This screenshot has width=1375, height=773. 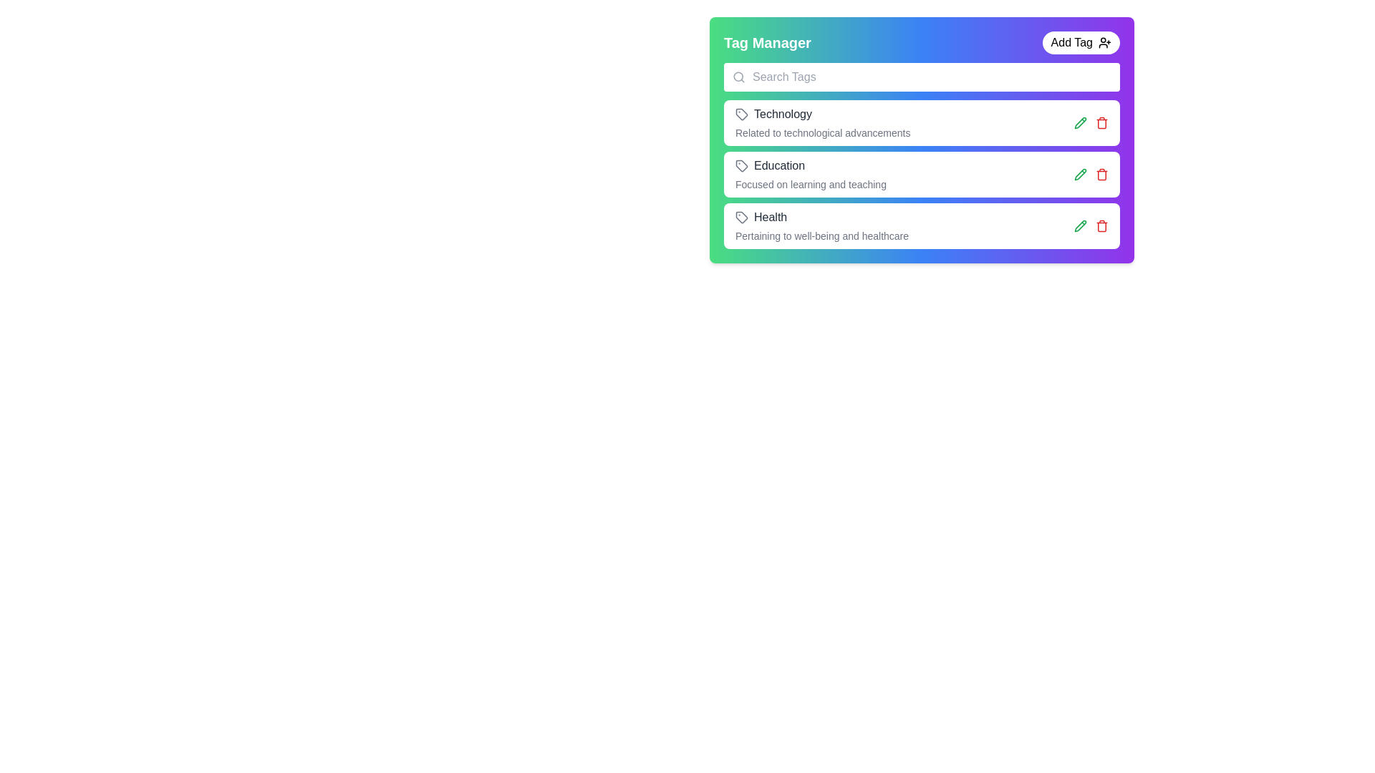 What do you see at coordinates (1081, 42) in the screenshot?
I see `the 'Add Tag' button located on the right side of the 'Tag Manager' heading` at bounding box center [1081, 42].